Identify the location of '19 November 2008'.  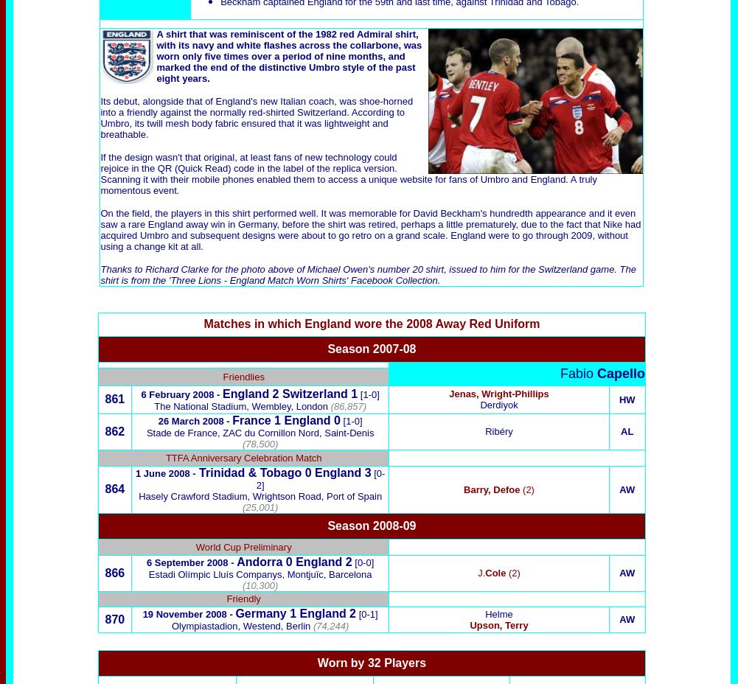
(184, 614).